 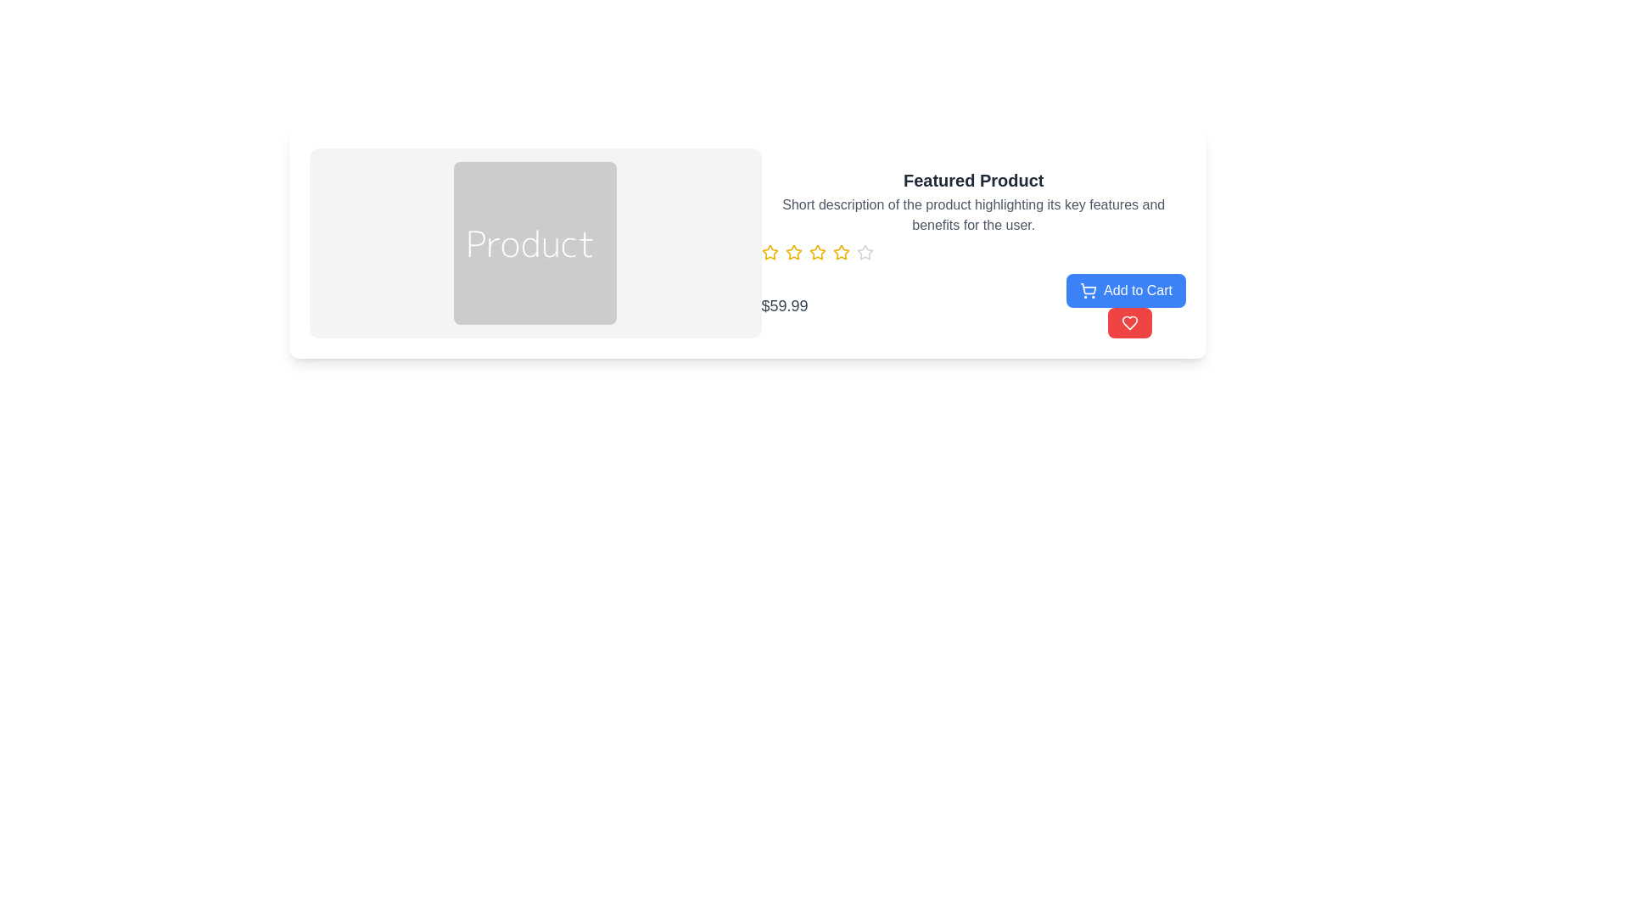 I want to click on the star icons in the Rating control located below the product description and above the price and 'Add to Cart' button, so click(x=973, y=253).